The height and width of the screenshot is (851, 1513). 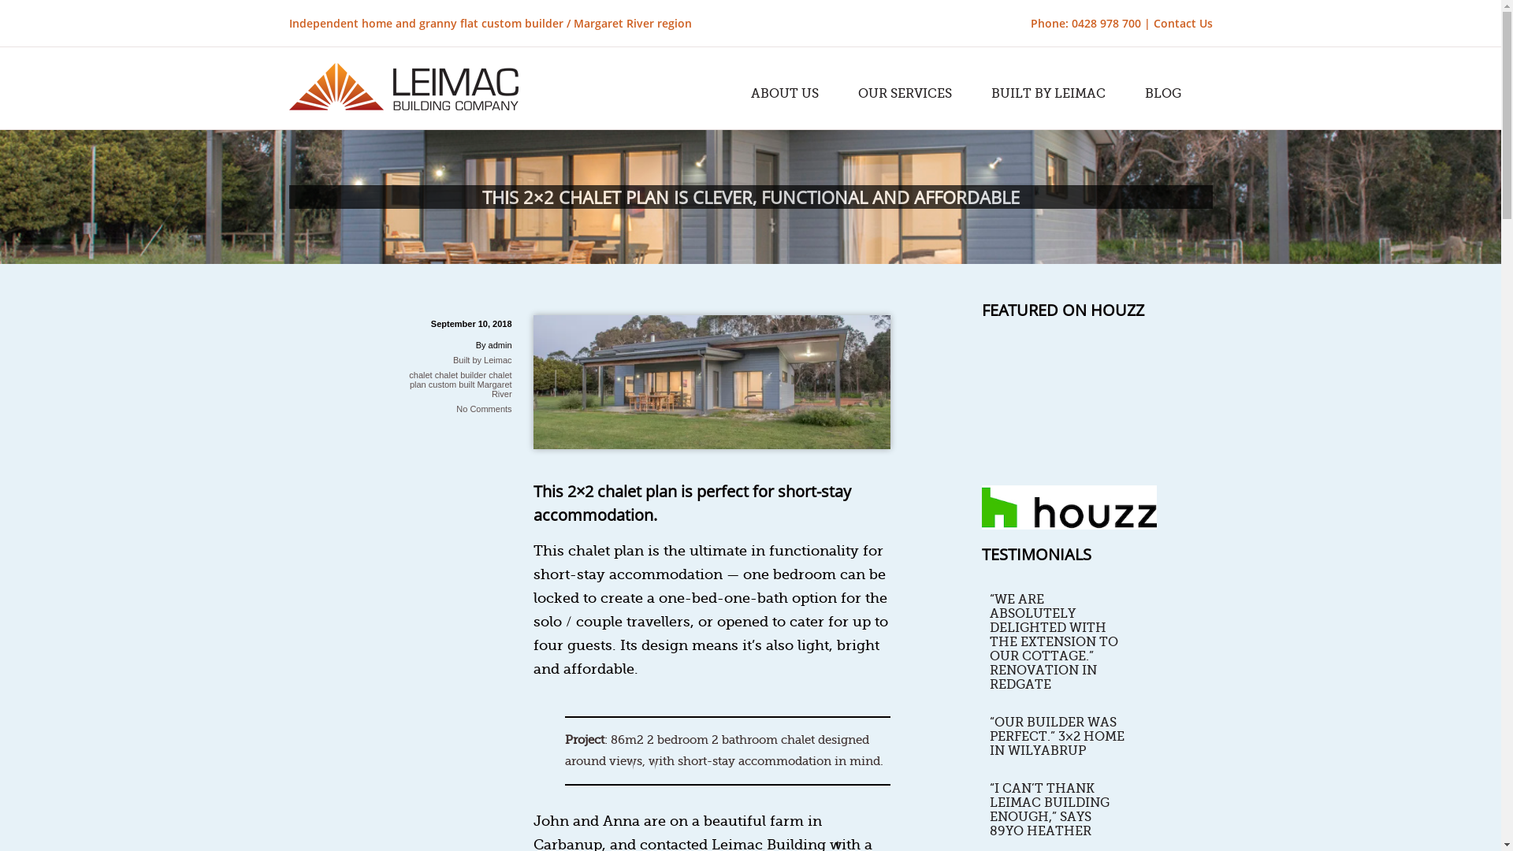 I want to click on 'chalet plan', so click(x=460, y=380).